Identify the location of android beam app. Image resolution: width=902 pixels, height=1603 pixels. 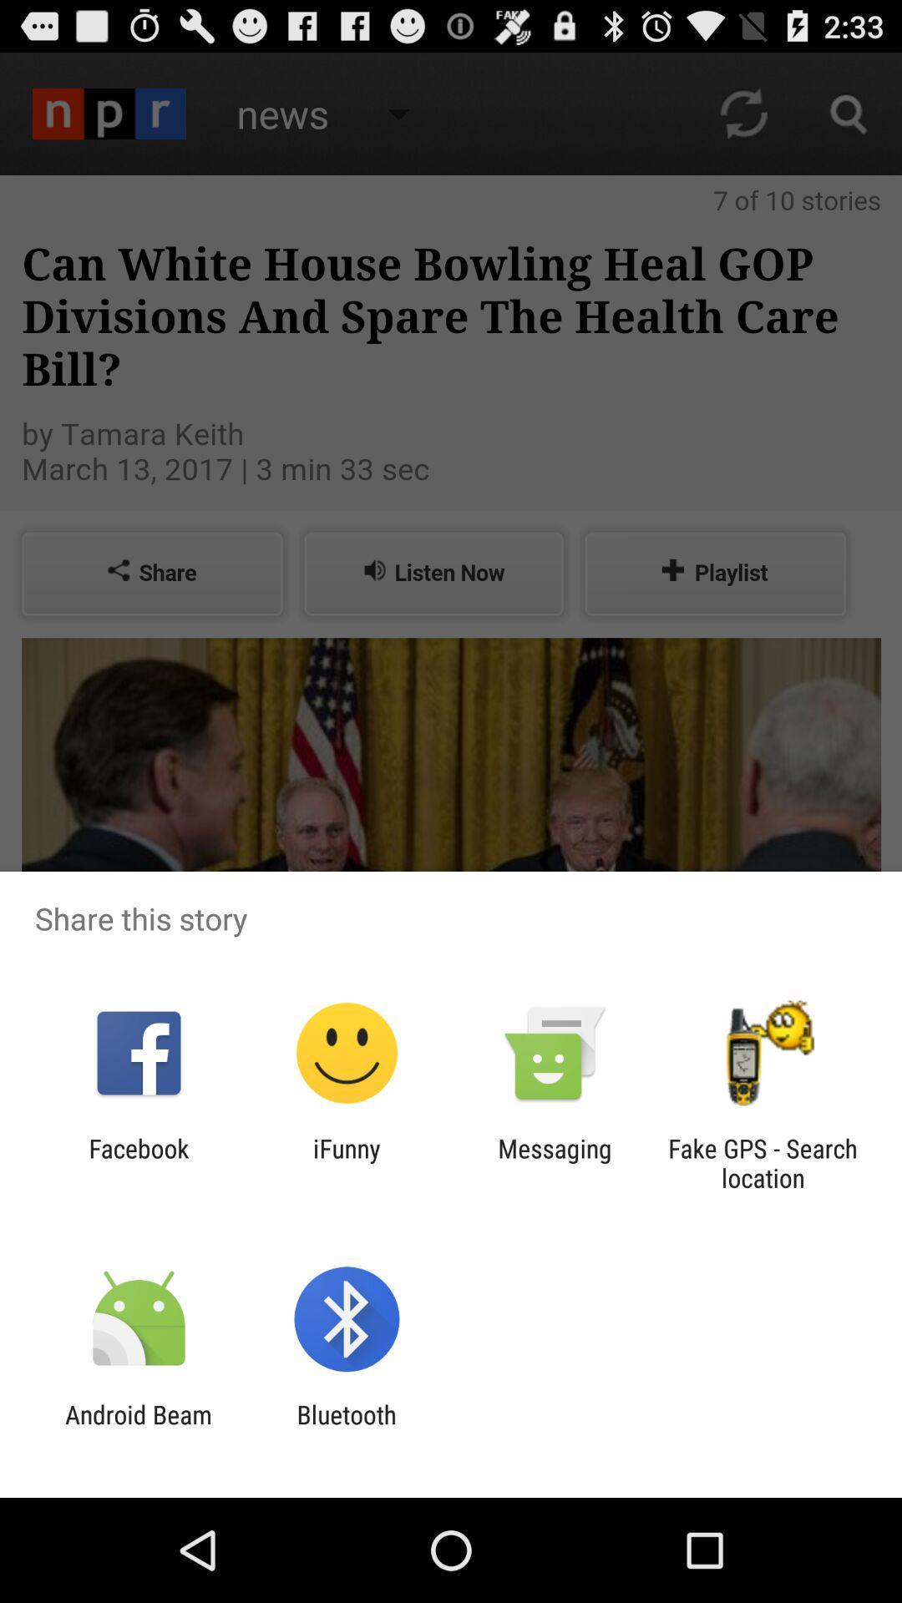
(138, 1429).